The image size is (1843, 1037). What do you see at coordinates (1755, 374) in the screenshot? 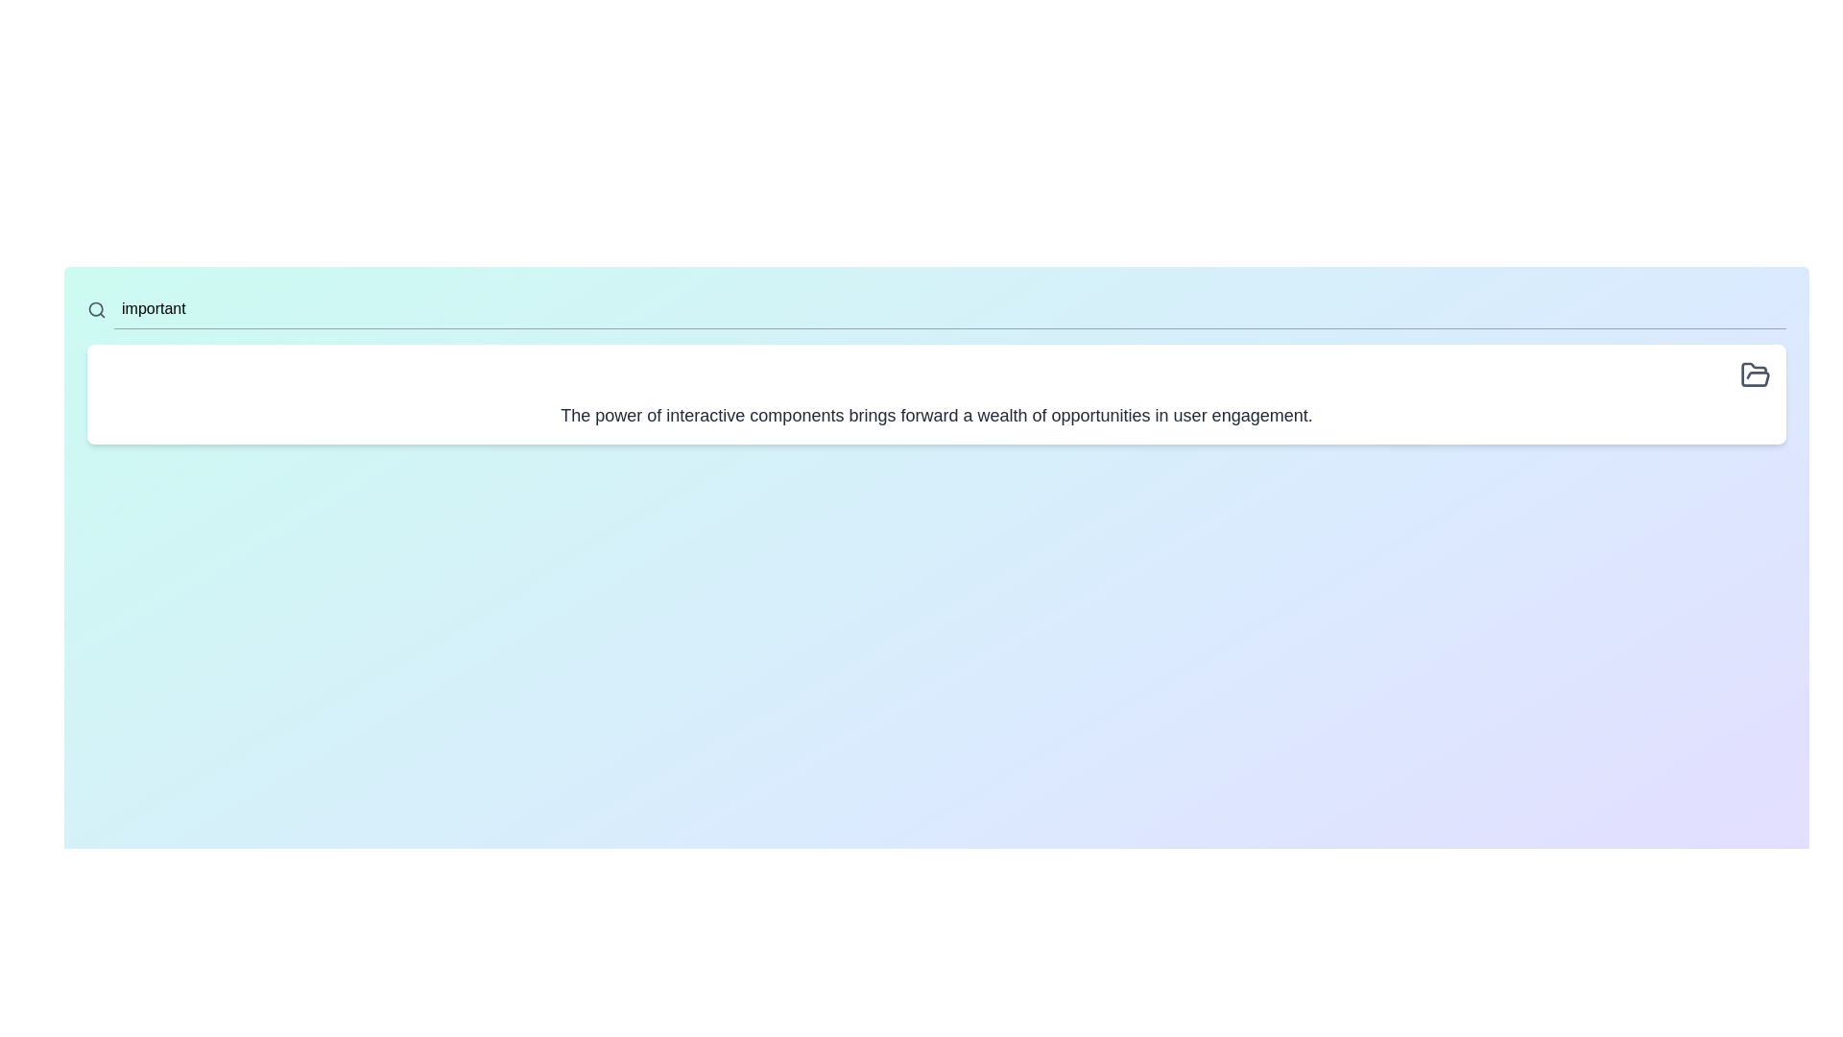
I see `the folder icon located at the upper-right corner of the white card with rounded borders and shadows` at bounding box center [1755, 374].